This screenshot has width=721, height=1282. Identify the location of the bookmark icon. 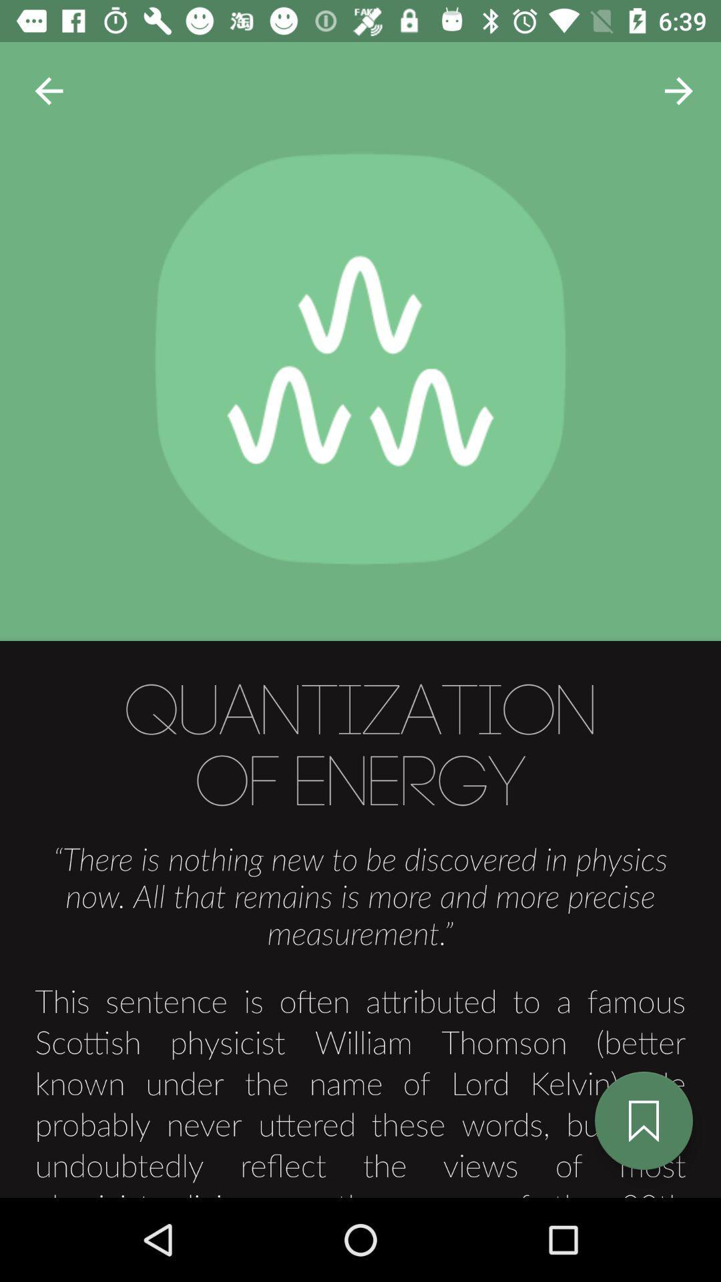
(643, 1120).